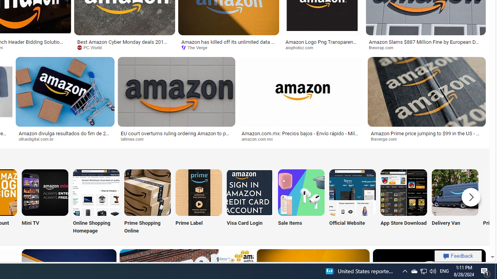  I want to click on 'Amazon Prime Shopping Online', so click(148, 192).